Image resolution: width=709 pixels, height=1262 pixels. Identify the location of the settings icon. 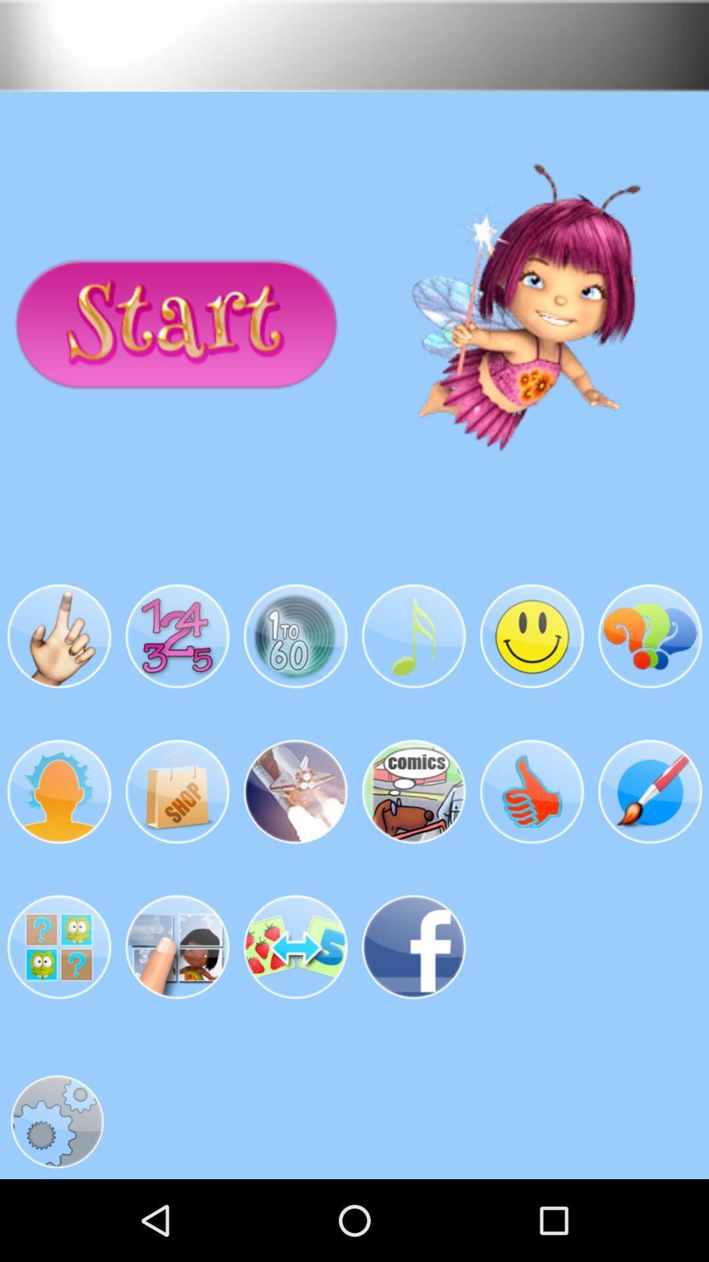
(56, 1200).